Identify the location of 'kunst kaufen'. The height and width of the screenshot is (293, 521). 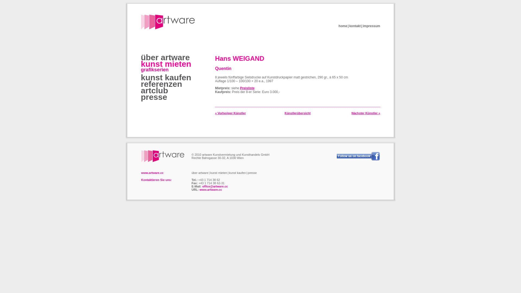
(166, 77).